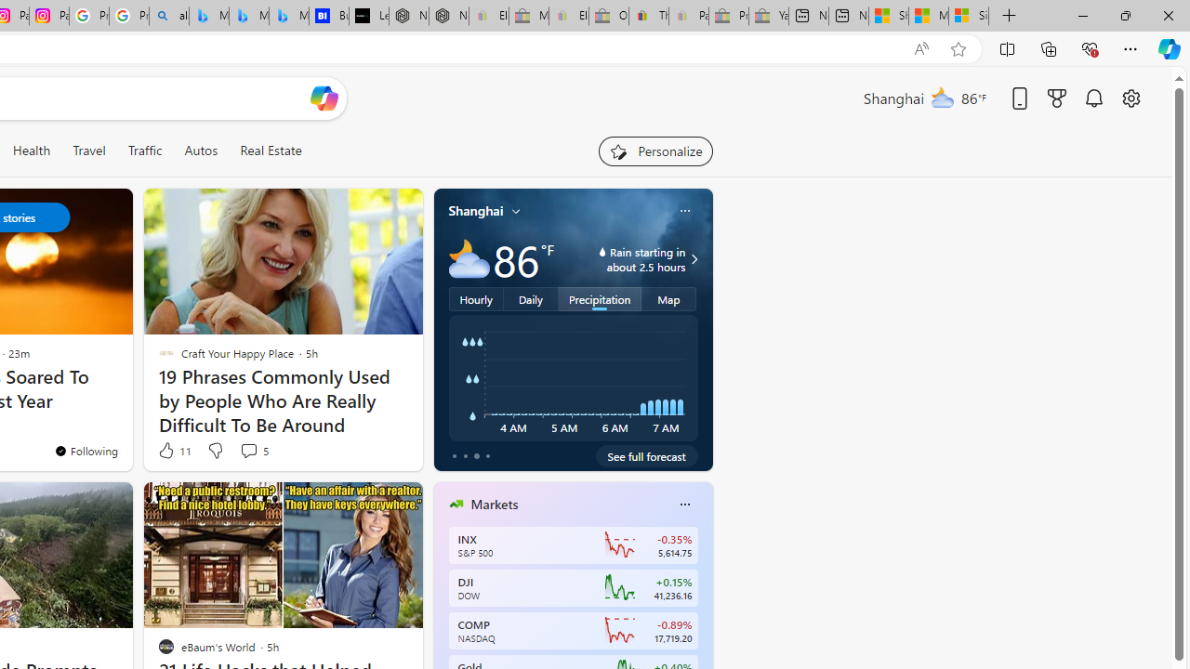 The height and width of the screenshot is (669, 1190). Describe the element at coordinates (288, 16) in the screenshot. I see `'Microsoft Bing Travel - Shangri-La Hotel Bangkok'` at that location.